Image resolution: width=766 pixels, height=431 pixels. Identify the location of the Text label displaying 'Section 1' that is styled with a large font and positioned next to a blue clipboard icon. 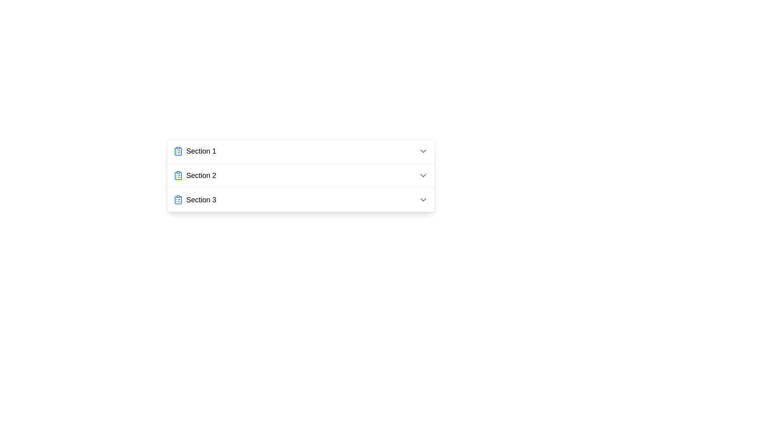
(201, 151).